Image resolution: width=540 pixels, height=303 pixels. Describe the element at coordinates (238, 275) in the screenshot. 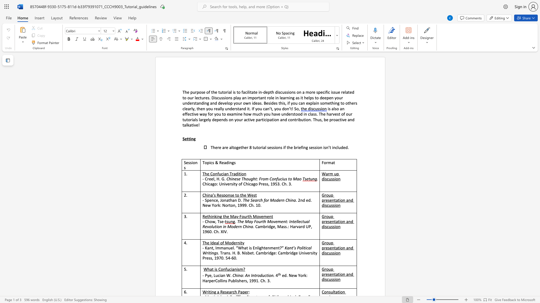

I see `the subset text "na" within the text "China: An Introduction."` at that location.